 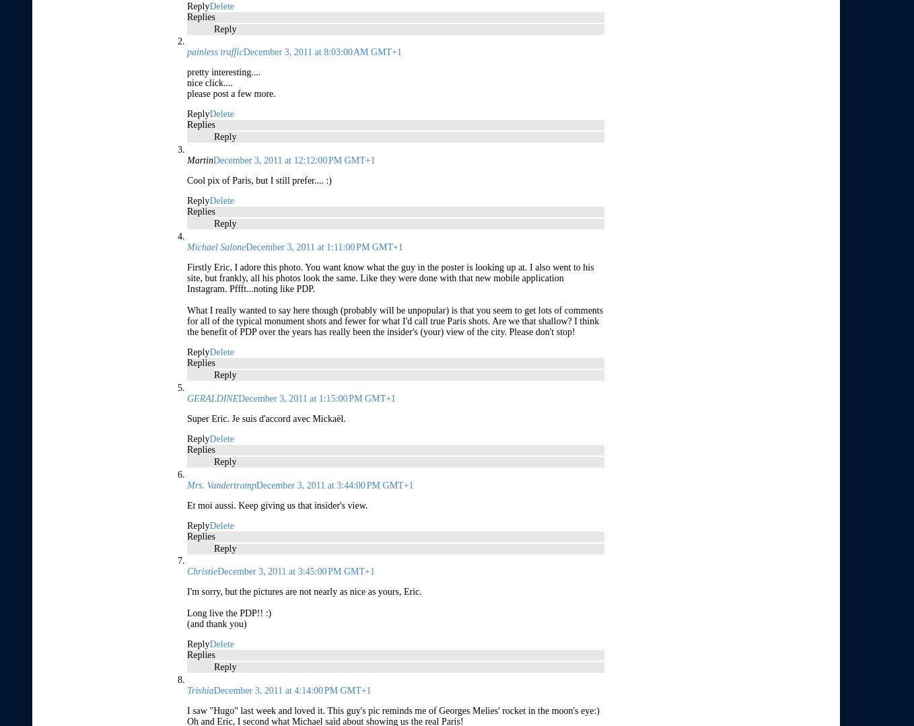 I want to click on 'Christie', so click(x=201, y=571).